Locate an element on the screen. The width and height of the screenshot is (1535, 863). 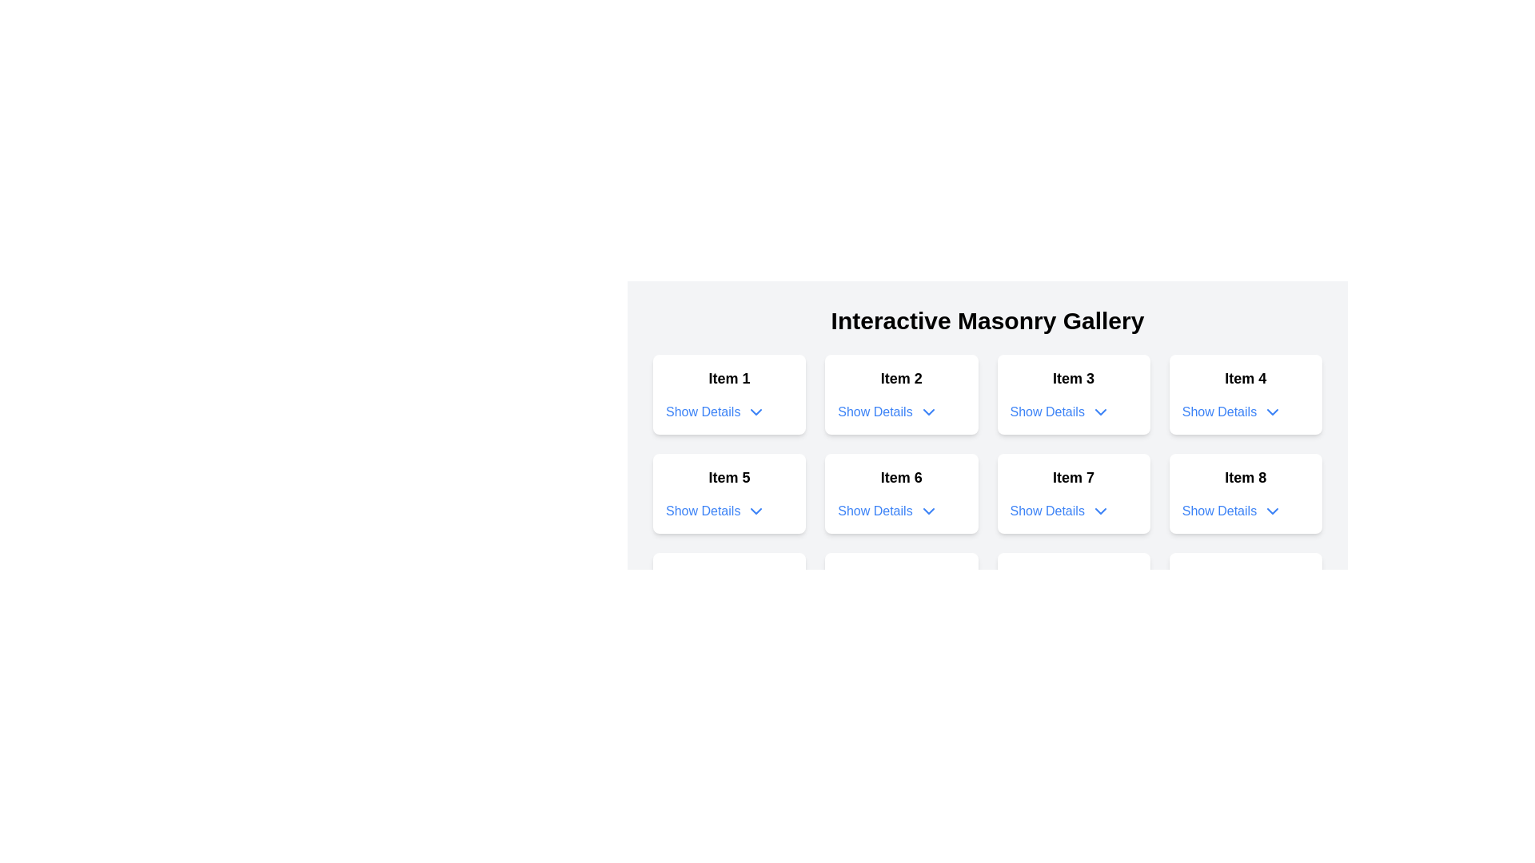
the interactive hyperlink with an icon located in the bottom right of the 'Item 7' sub-section is located at coordinates (1060, 511).